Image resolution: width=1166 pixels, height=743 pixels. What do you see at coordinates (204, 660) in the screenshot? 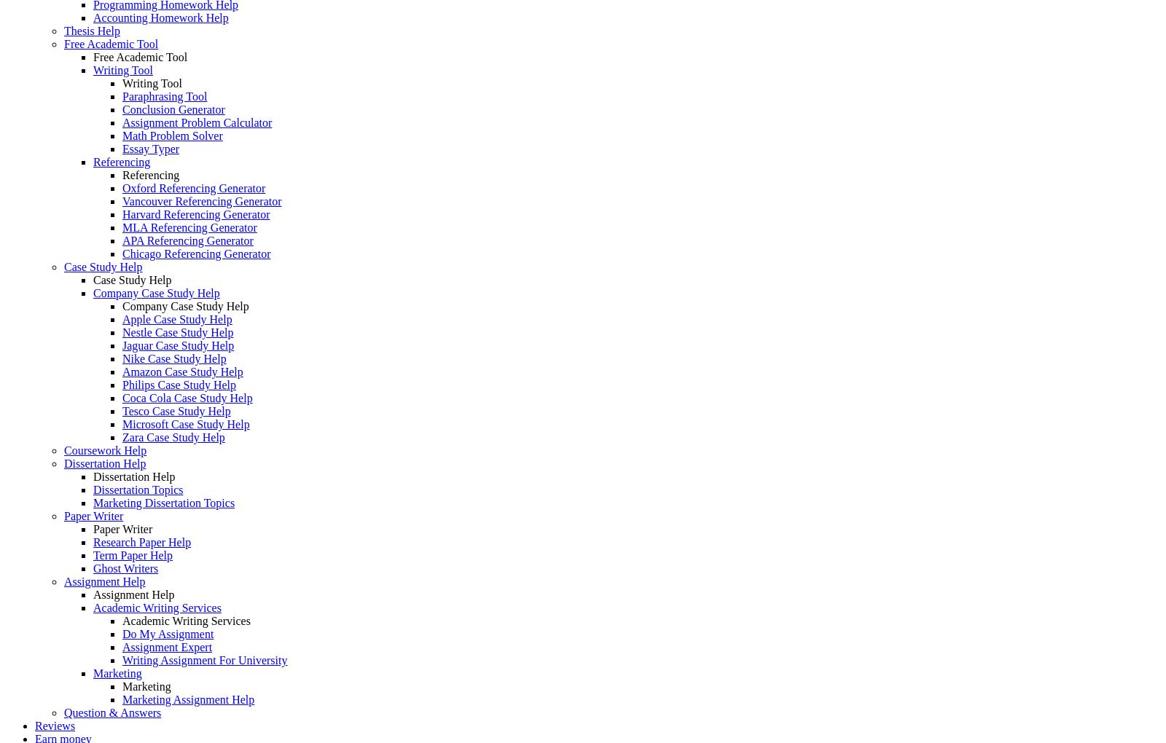
I see `'Writing Assignment For University'` at bounding box center [204, 660].